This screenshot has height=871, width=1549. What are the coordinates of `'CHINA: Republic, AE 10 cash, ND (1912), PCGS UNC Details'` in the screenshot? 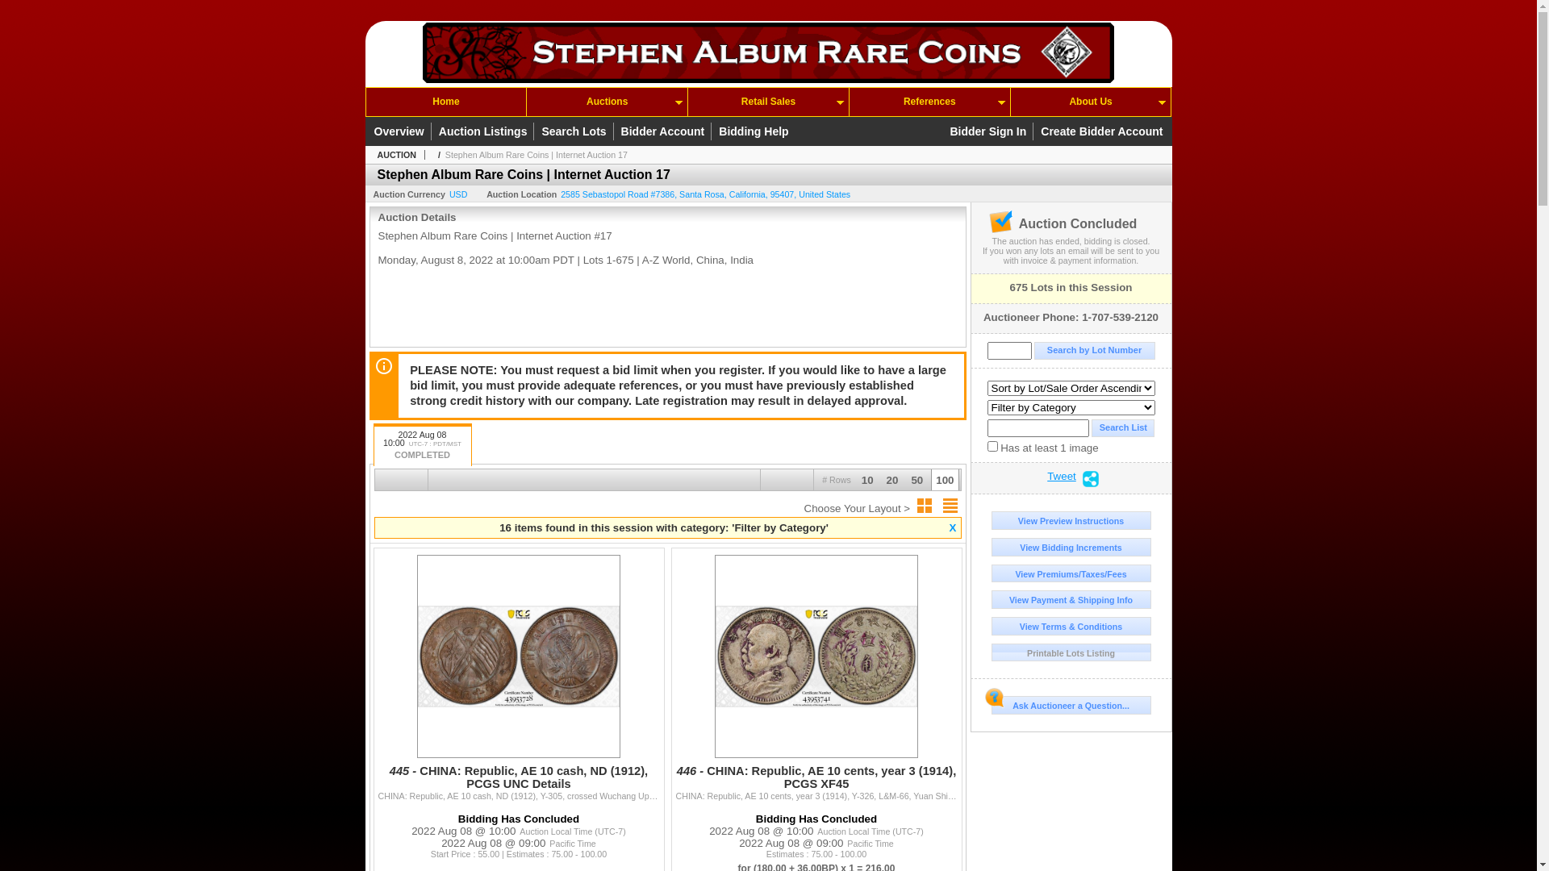 It's located at (519, 761).